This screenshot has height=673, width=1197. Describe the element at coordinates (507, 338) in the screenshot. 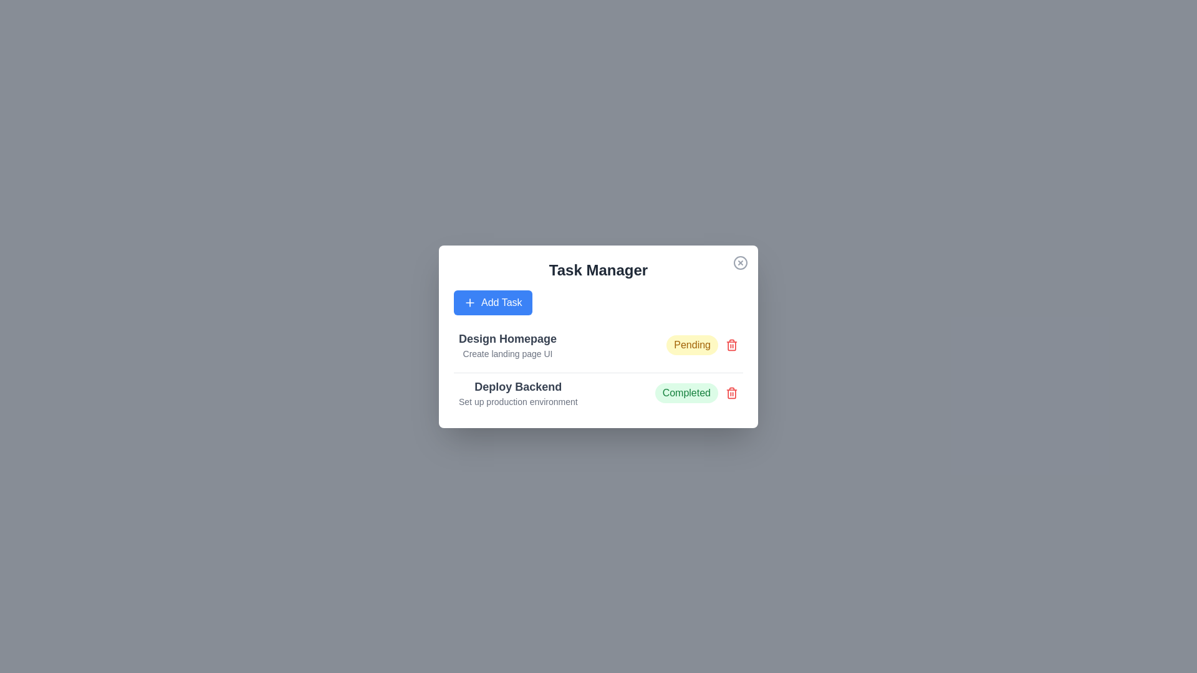

I see `text label element displaying 'Design Homepage' which is styled in bold medium-dark gray and located centrally in the task card of the task management interface` at that location.